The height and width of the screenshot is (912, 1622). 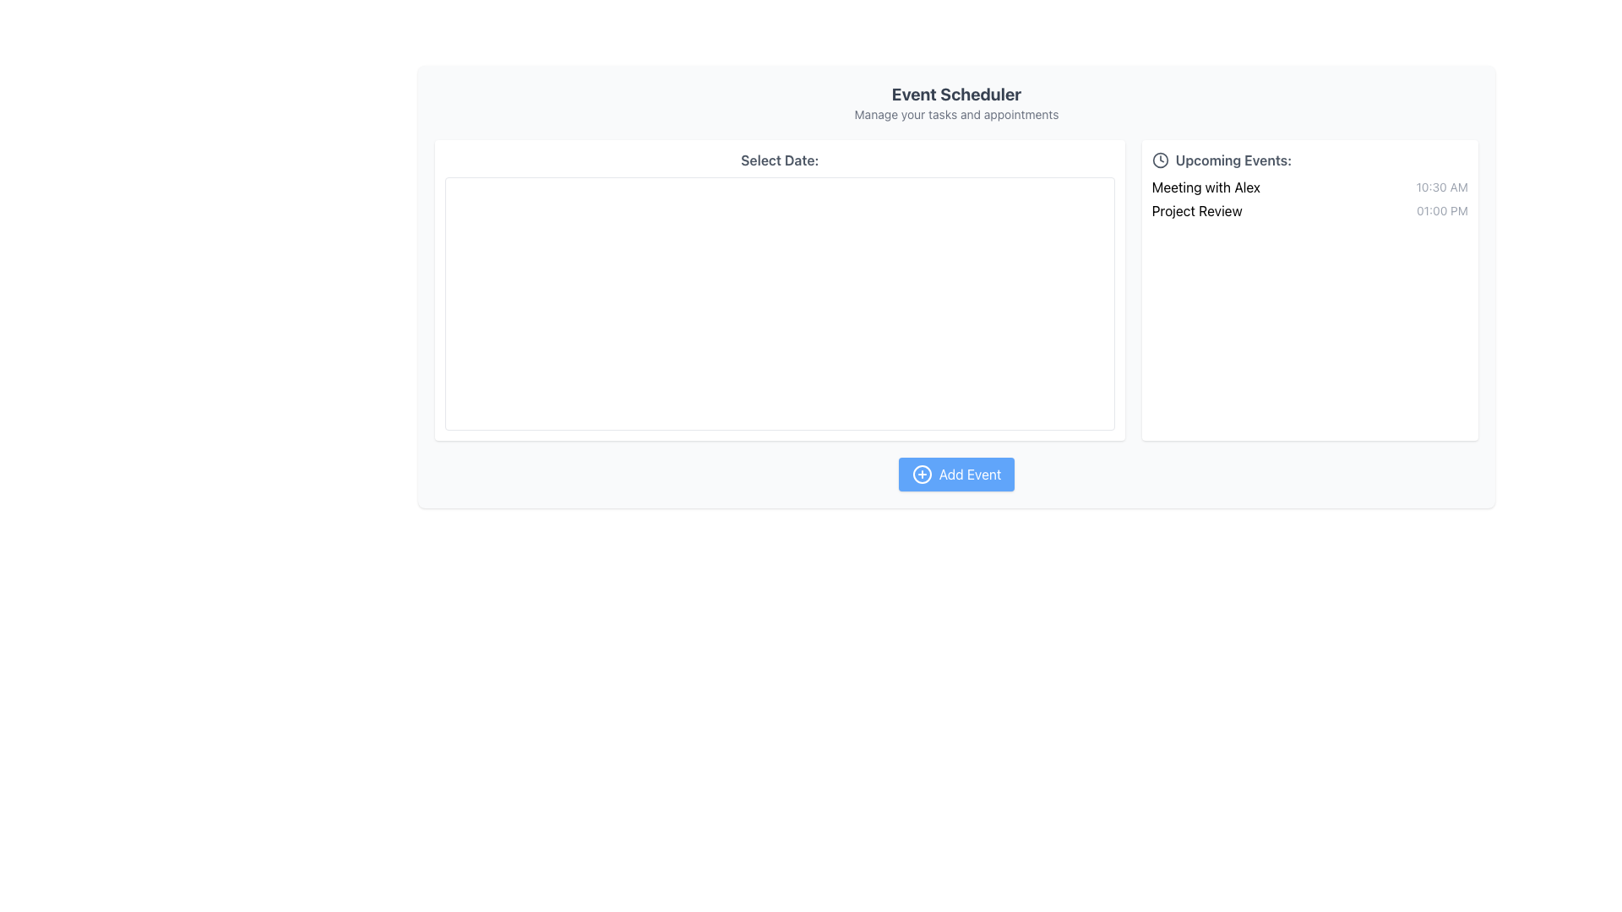 I want to click on the static text label displaying the time associated with the event 'Project Review' in the Upcoming Events section, so click(x=1441, y=210).